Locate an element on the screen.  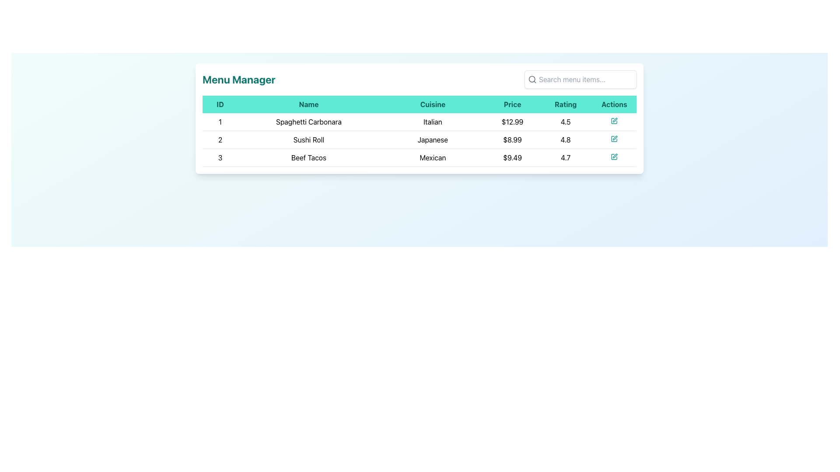
the 'Japanese' text label located in the 'Cuisine' column of the table associated with 'Sushi Roll' is located at coordinates (433, 139).